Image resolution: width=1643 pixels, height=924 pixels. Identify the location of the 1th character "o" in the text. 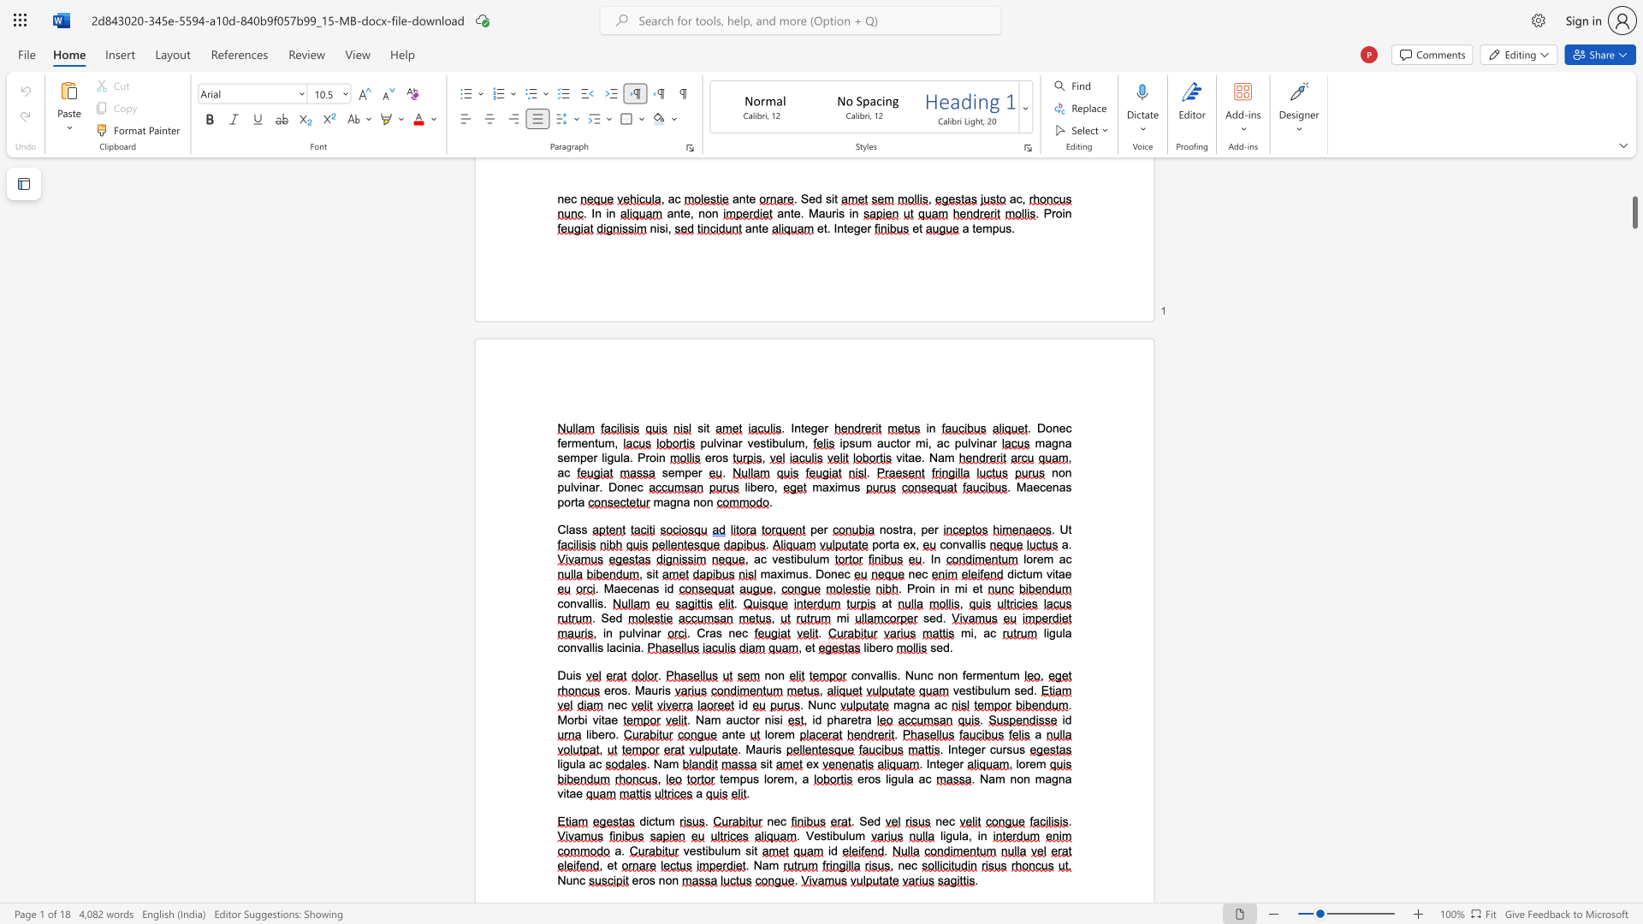
(889, 529).